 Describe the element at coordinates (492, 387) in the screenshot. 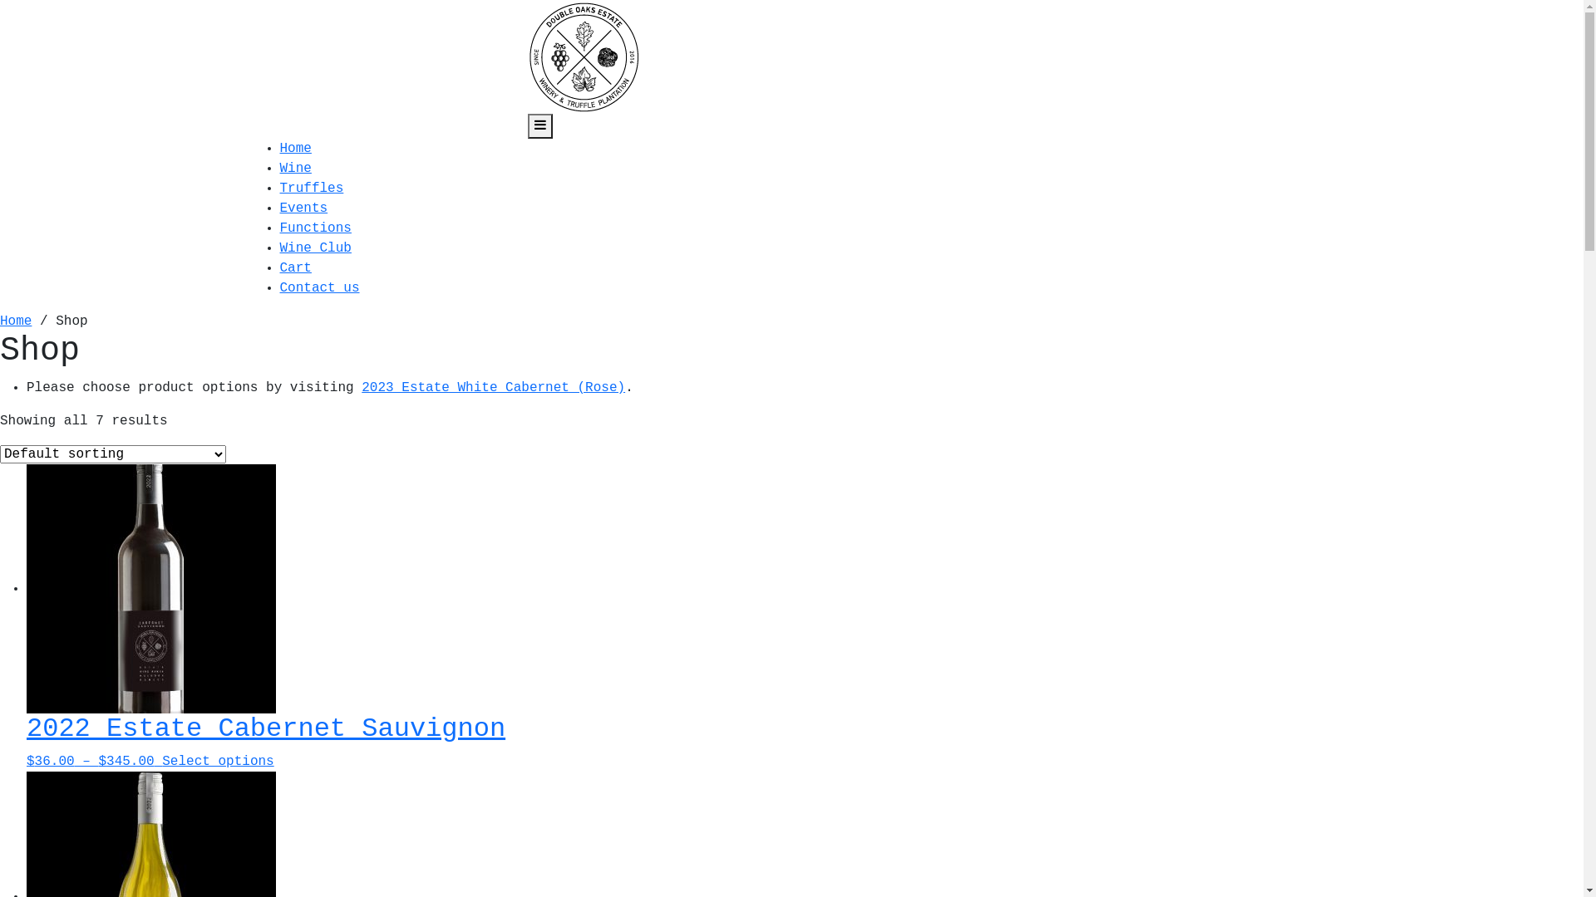

I see `'2023 Estate White Cabernet (Rose)'` at that location.